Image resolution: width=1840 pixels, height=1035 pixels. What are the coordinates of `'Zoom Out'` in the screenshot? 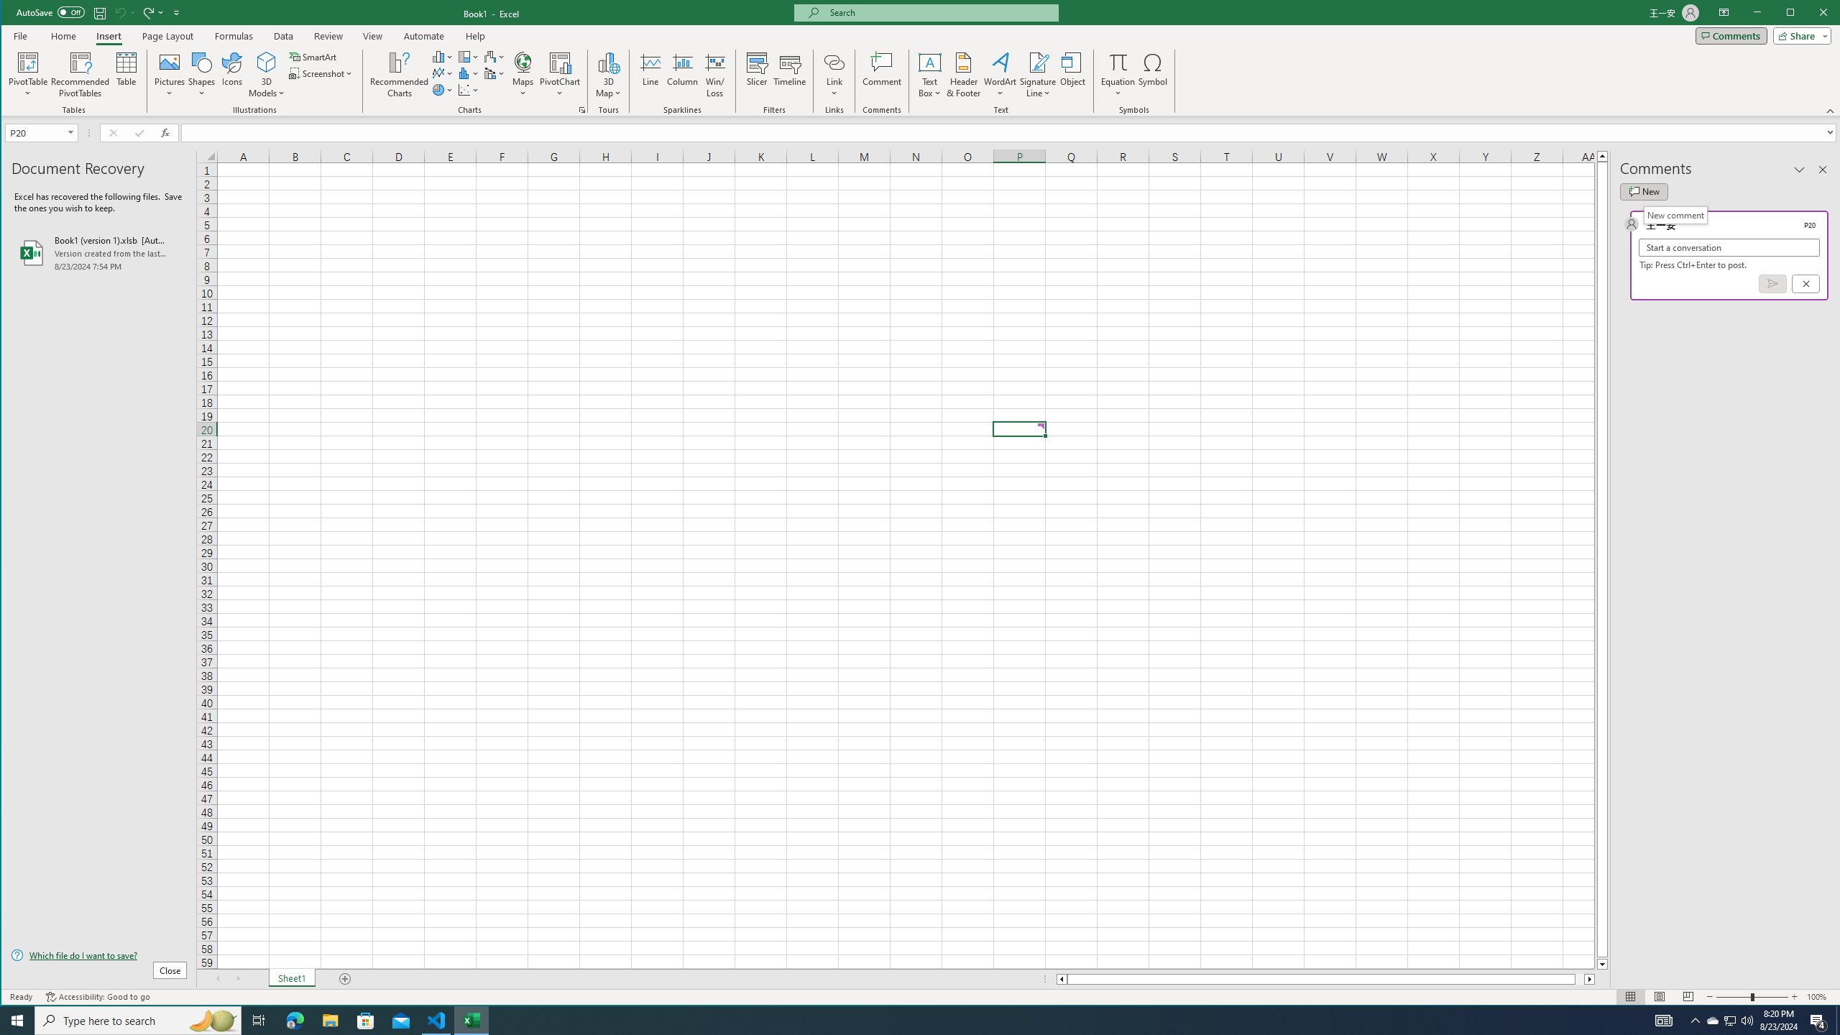 It's located at (1734, 996).